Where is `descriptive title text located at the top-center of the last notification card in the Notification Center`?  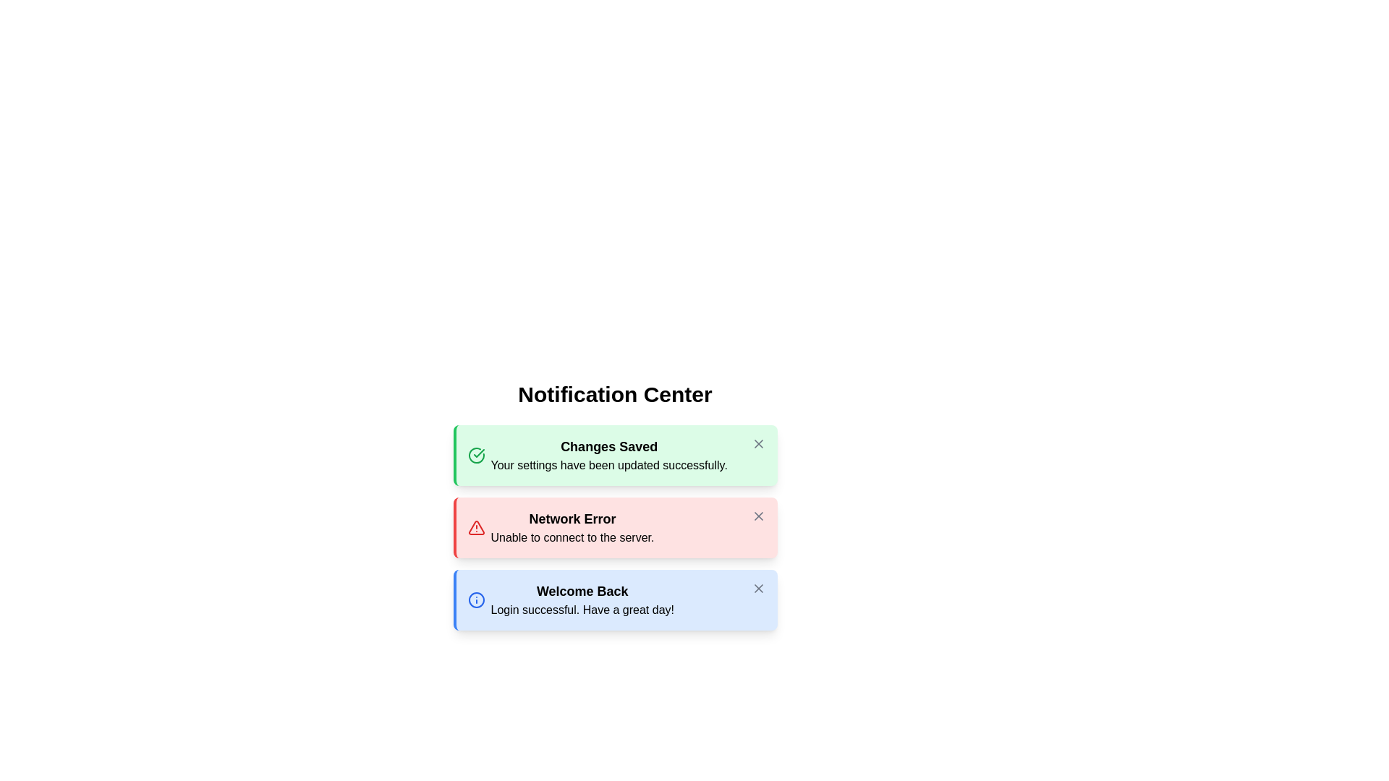 descriptive title text located at the top-center of the last notification card in the Notification Center is located at coordinates (582, 591).